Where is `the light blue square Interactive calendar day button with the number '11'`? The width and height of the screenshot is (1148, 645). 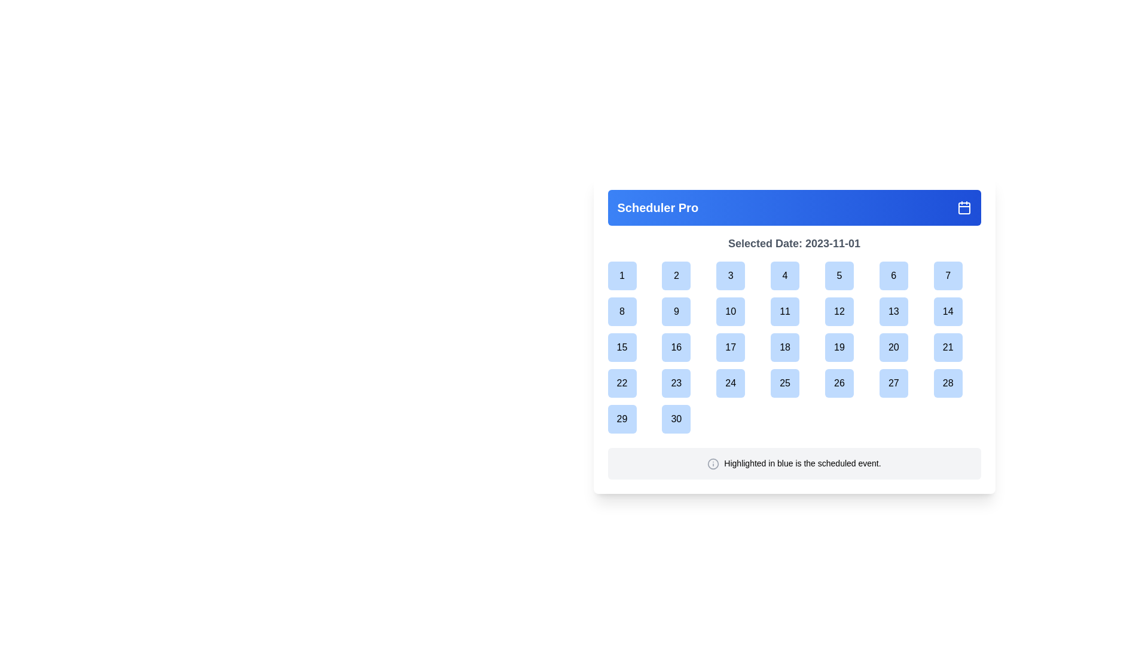 the light blue square Interactive calendar day button with the number '11' is located at coordinates (794, 311).